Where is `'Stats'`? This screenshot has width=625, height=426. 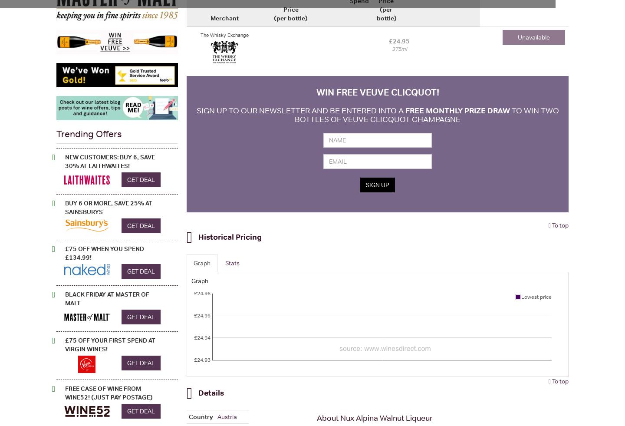
'Stats' is located at coordinates (232, 262).